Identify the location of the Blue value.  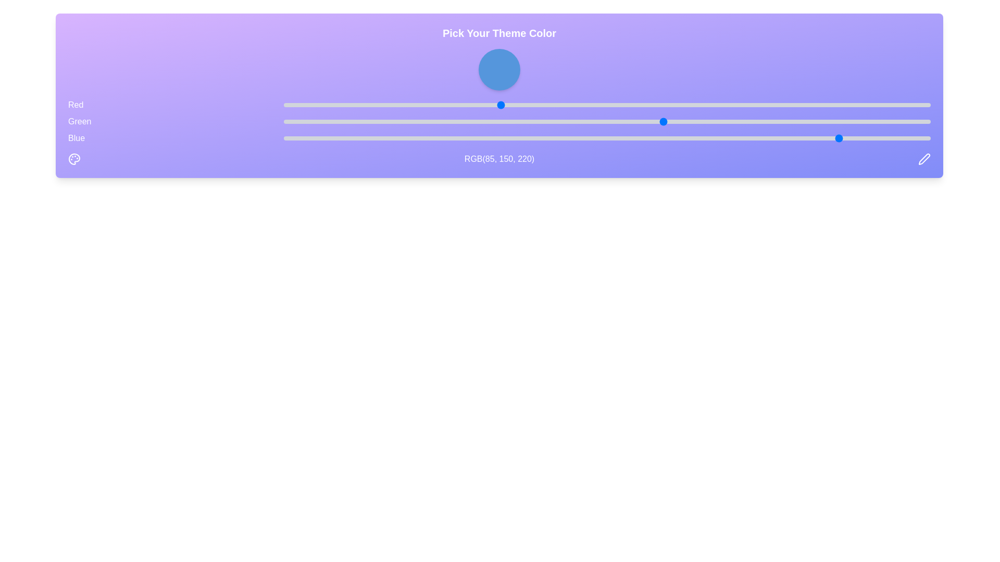
(522, 138).